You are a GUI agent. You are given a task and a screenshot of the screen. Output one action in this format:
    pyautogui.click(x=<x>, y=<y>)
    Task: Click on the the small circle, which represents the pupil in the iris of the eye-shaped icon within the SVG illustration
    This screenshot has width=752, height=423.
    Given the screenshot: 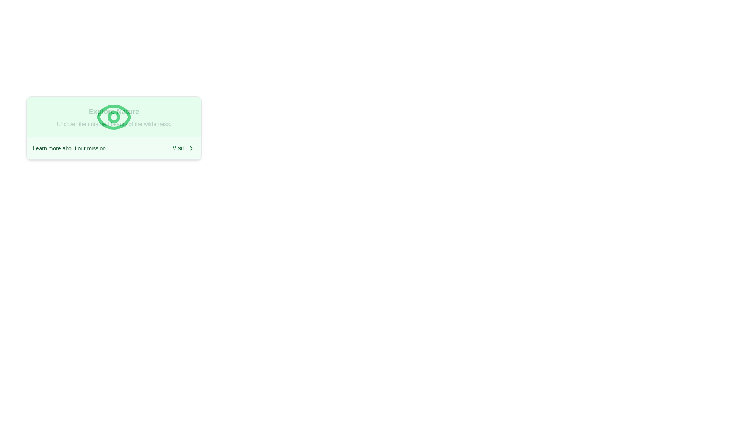 What is the action you would take?
    pyautogui.click(x=114, y=117)
    